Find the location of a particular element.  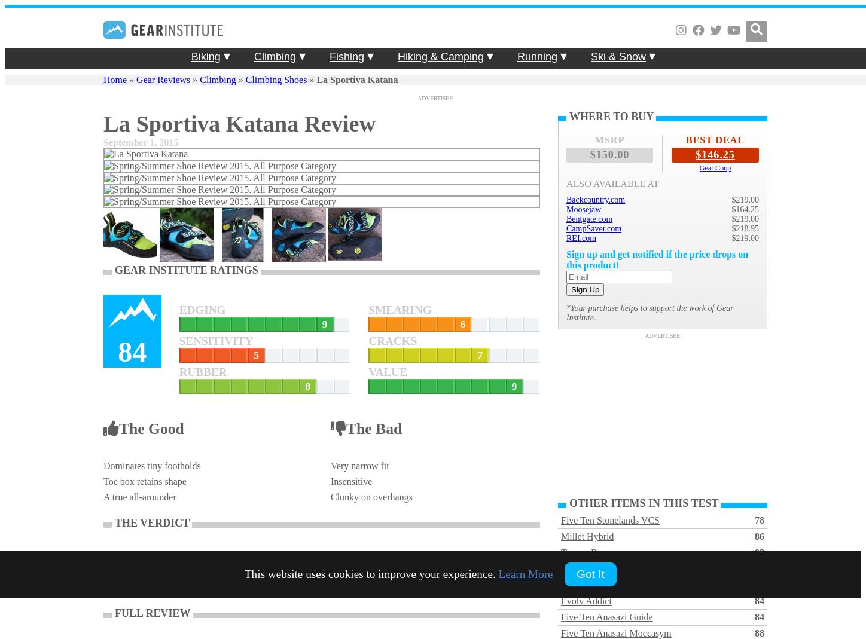

'Fishing' is located at coordinates (346, 56).